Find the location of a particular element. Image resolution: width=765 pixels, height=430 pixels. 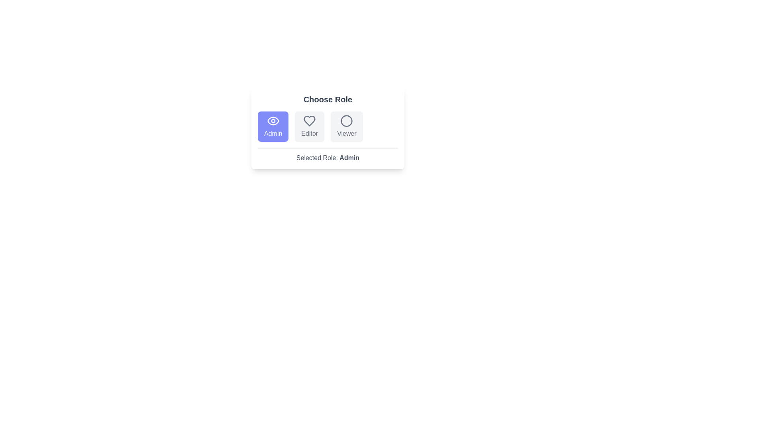

the heart-shaped icon with a hollow design and dark gray color, which is the central feature of the 'Editor' option in the role selection interface is located at coordinates (309, 121).